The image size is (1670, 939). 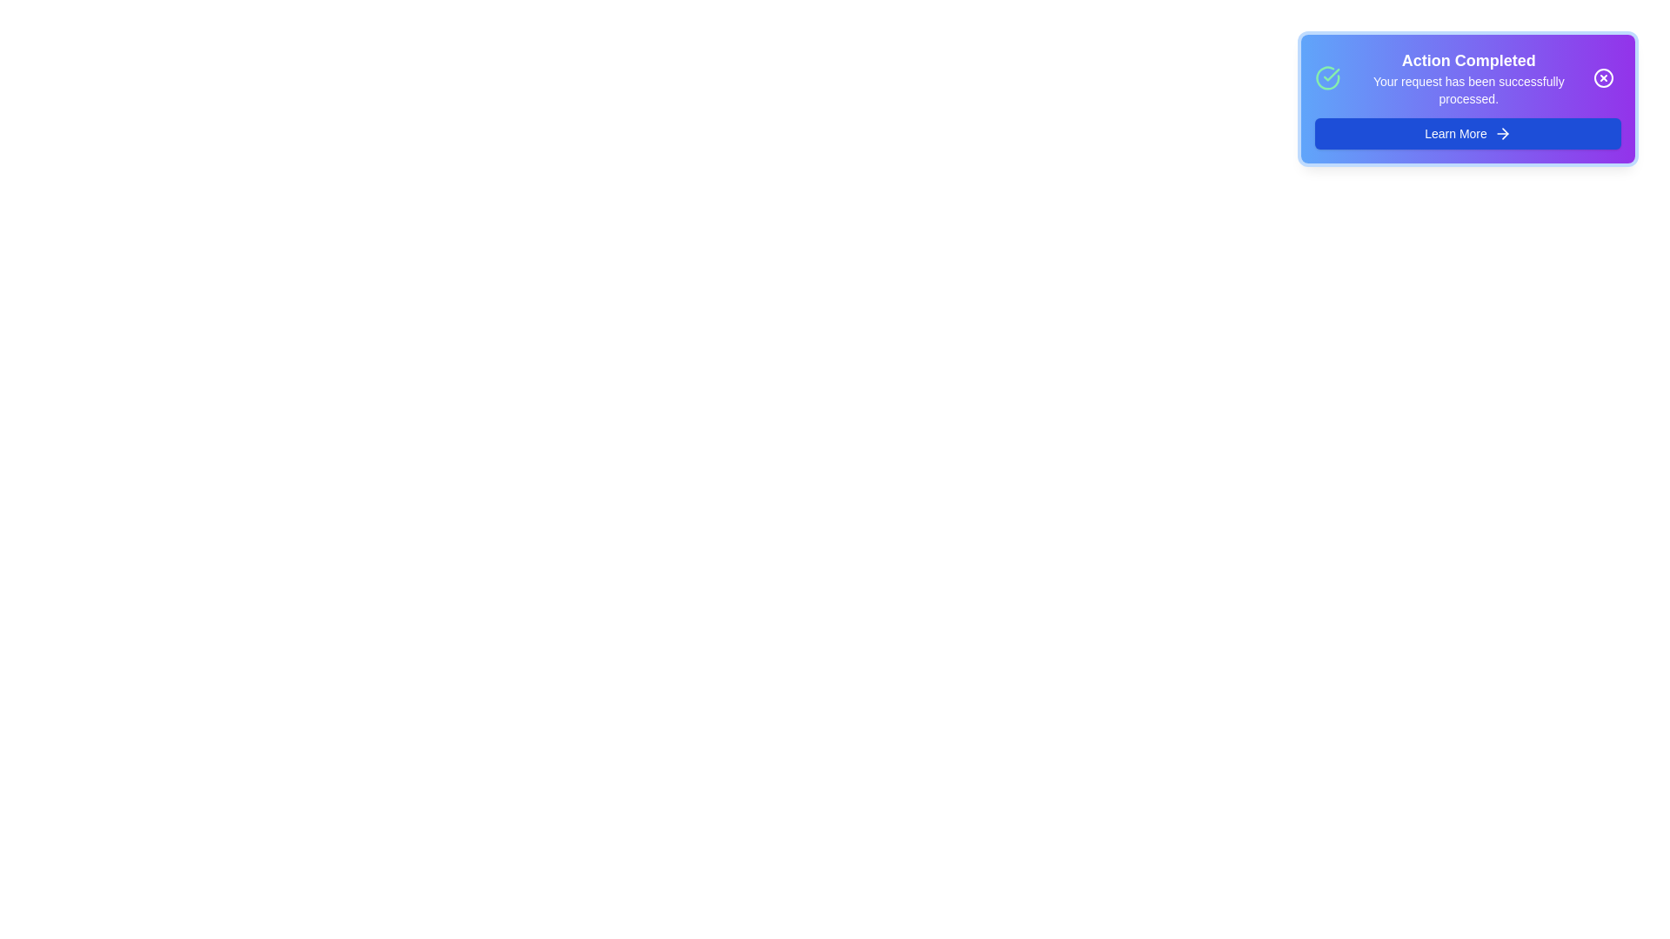 What do you see at coordinates (1467, 133) in the screenshot?
I see `the 'Learn More' button to navigate to additional information` at bounding box center [1467, 133].